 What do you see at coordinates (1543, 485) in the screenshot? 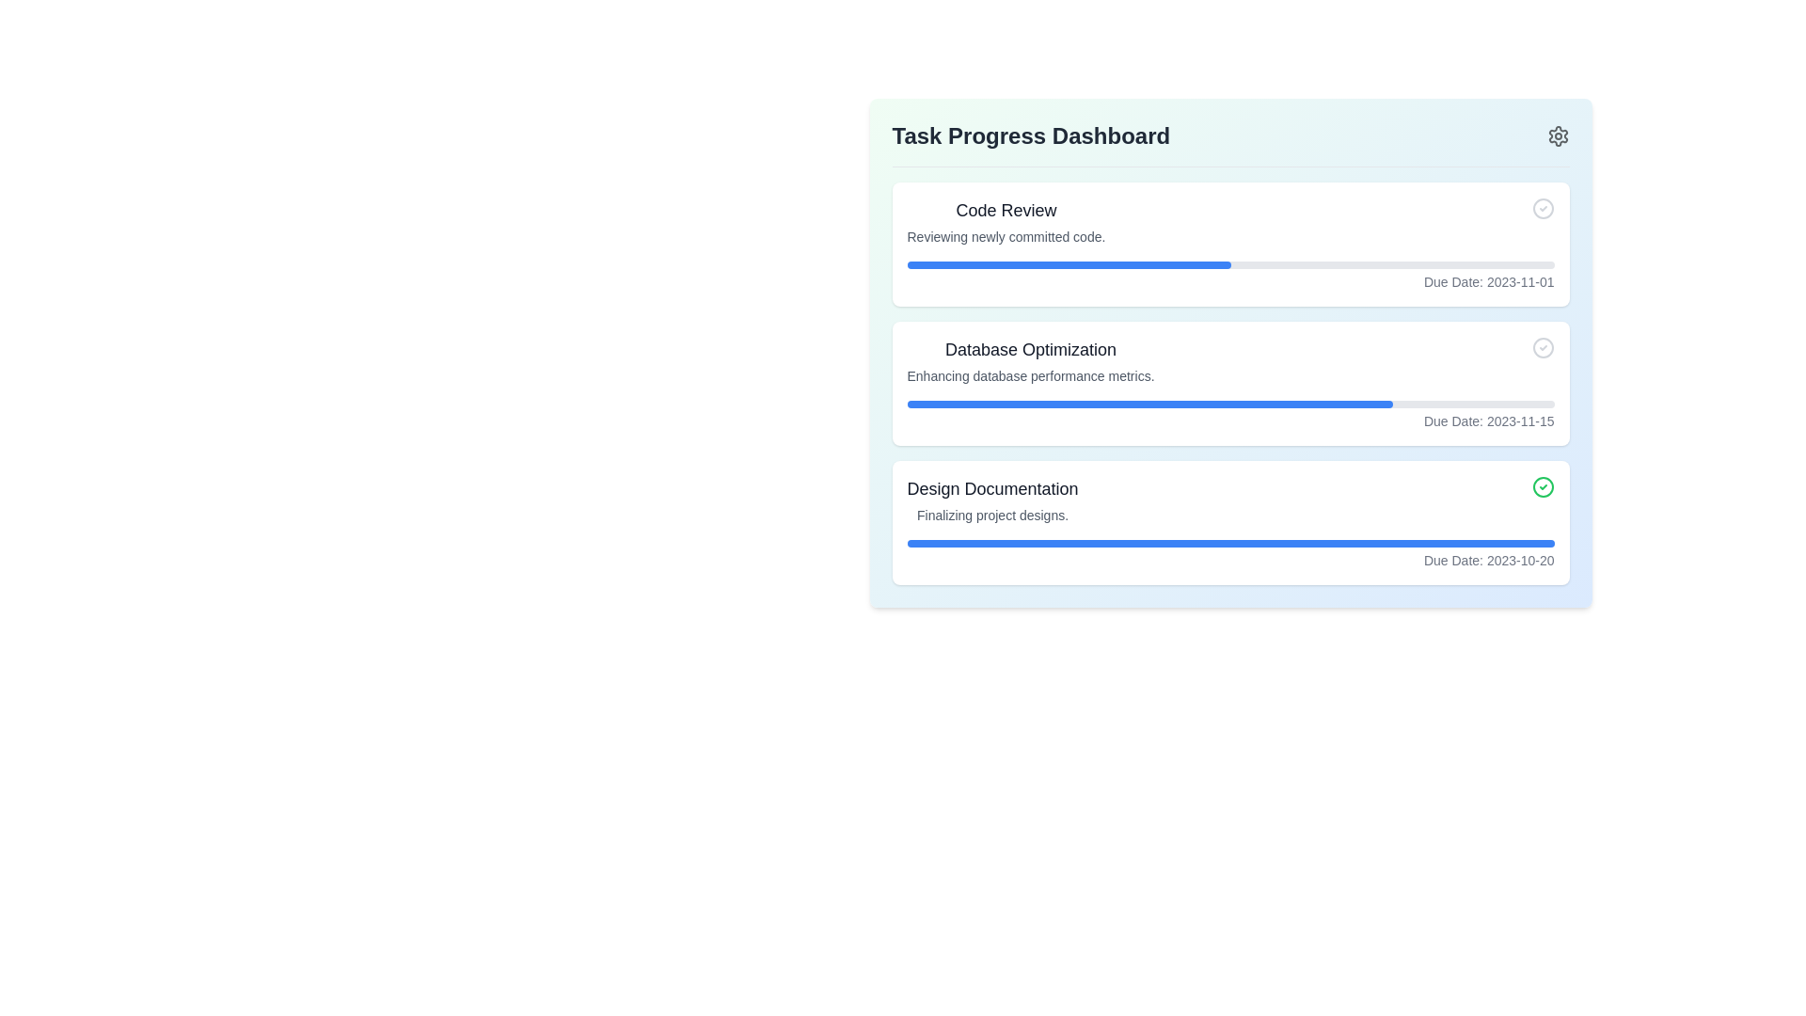
I see `the verification icon located at the far right of the 'Design Documentation' row` at bounding box center [1543, 485].